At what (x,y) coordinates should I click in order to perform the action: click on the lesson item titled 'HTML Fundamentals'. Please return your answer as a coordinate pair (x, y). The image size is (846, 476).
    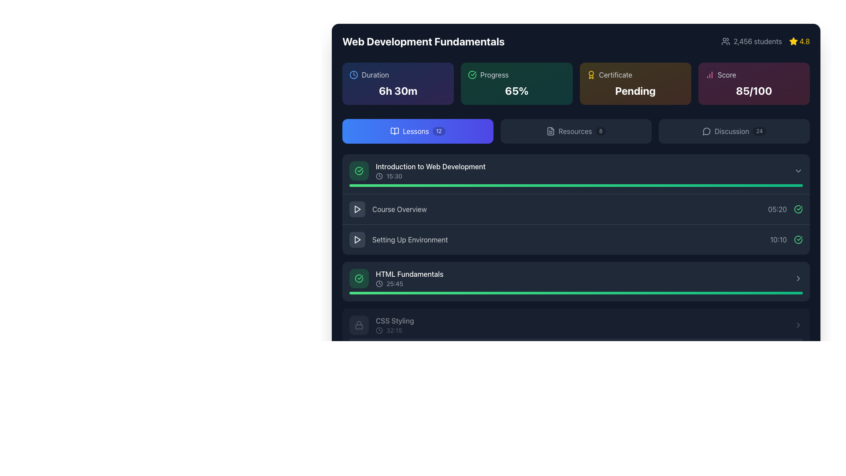
    Looking at the image, I should click on (409, 279).